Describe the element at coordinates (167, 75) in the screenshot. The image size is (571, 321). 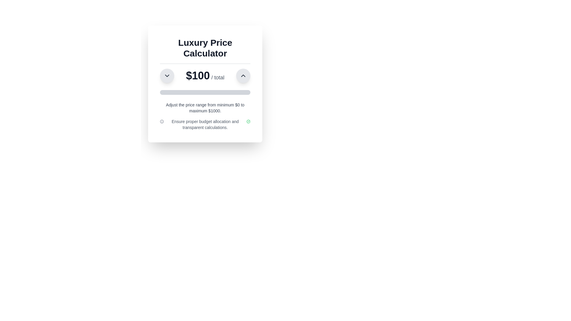
I see `the downward-pointing chevron icon located in the bottom-right corner of the circular button to the left of the displayed numerical value '$100 / total'` at that location.